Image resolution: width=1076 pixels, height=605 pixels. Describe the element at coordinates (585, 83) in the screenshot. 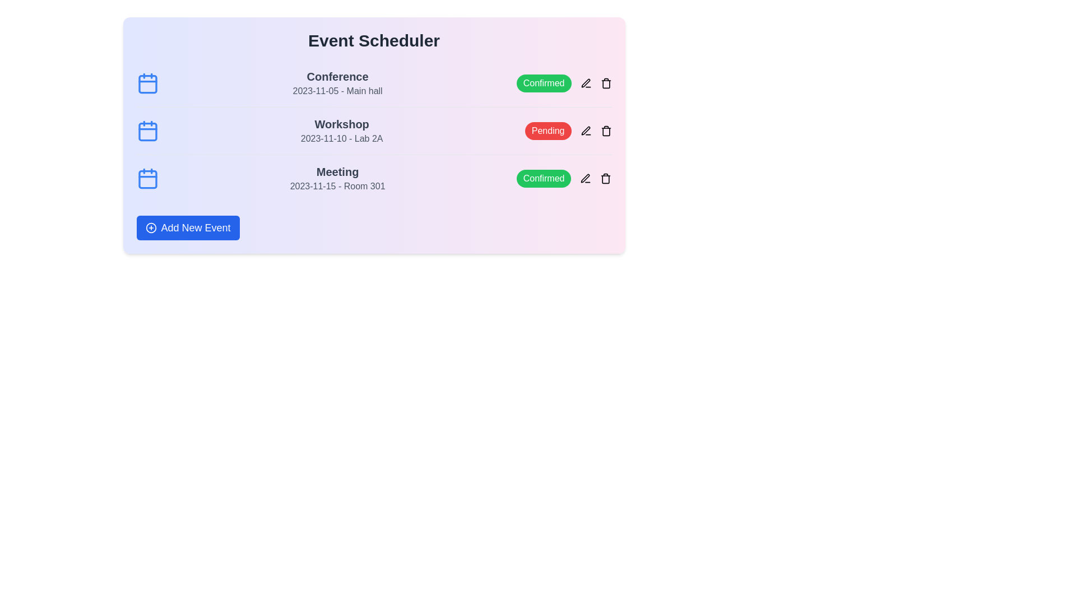

I see `the black pen icon located on the right side of the 'Conference' row in the 'Event Scheduler' section, which changes text color to yellow upon hover` at that location.